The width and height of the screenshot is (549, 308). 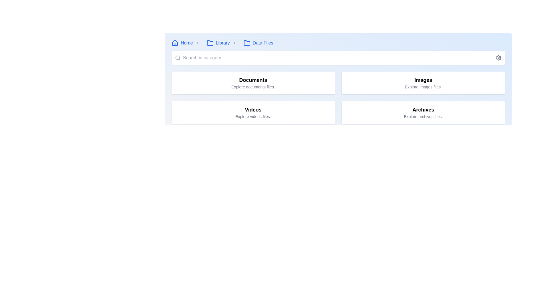 What do you see at coordinates (253, 87) in the screenshot?
I see `the descriptive text element located below the 'Documents' heading, which explains the document files section` at bounding box center [253, 87].